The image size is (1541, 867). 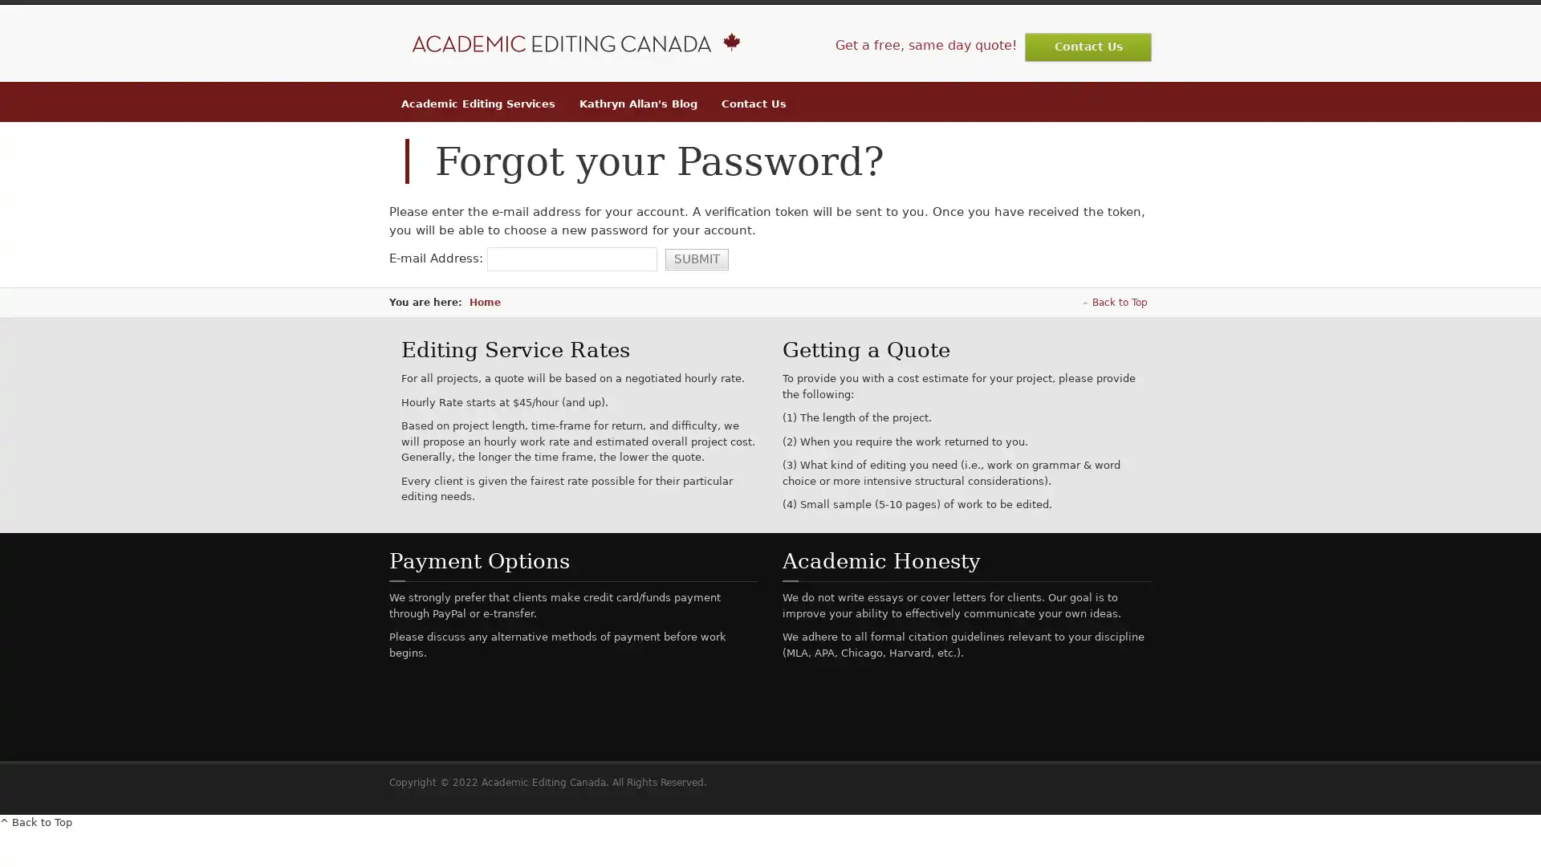 I want to click on SUBMIT, so click(x=697, y=258).